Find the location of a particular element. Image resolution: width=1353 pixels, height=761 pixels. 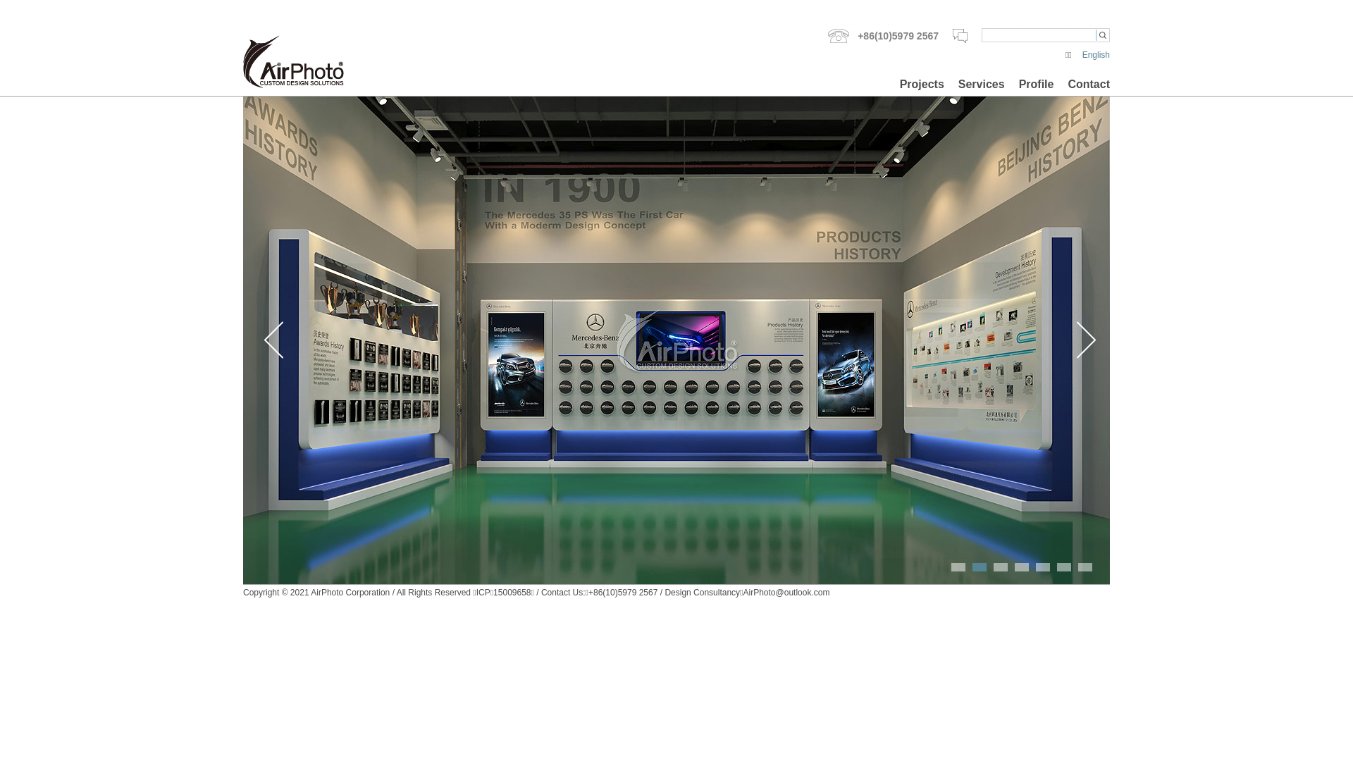

'Projects' is located at coordinates (922, 84).